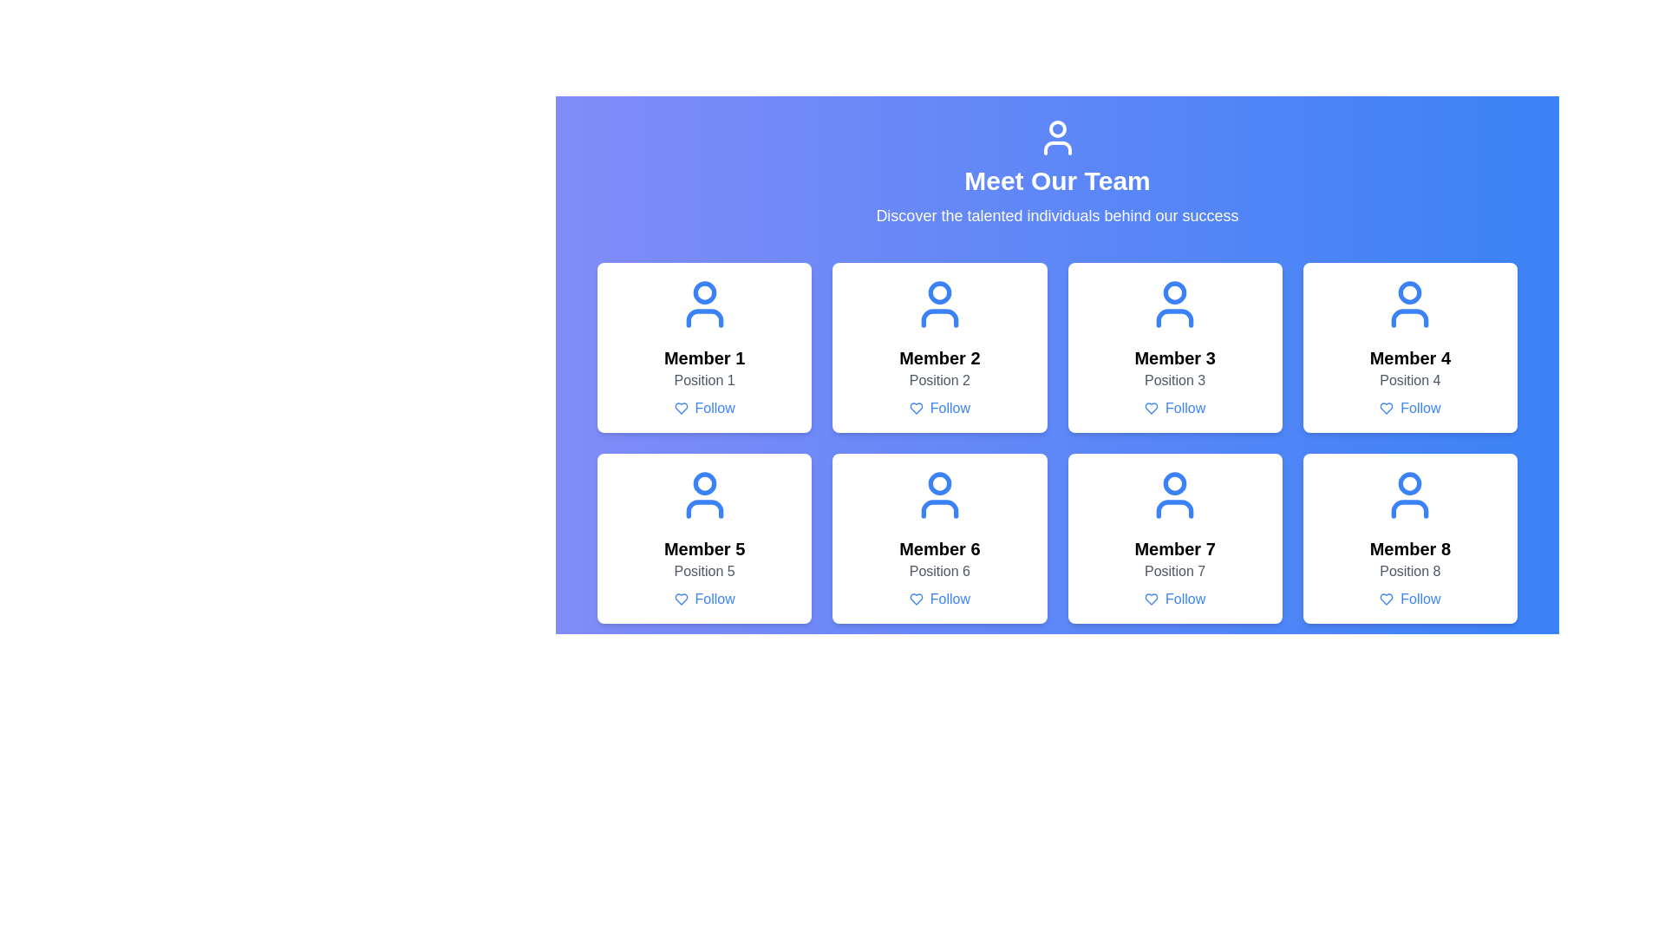  What do you see at coordinates (949, 598) in the screenshot?
I see `the 'Follow' text label in blue color located in the sixth user profile card, positioned beneath a heart-shaped icon, to initiate the follow action` at bounding box center [949, 598].